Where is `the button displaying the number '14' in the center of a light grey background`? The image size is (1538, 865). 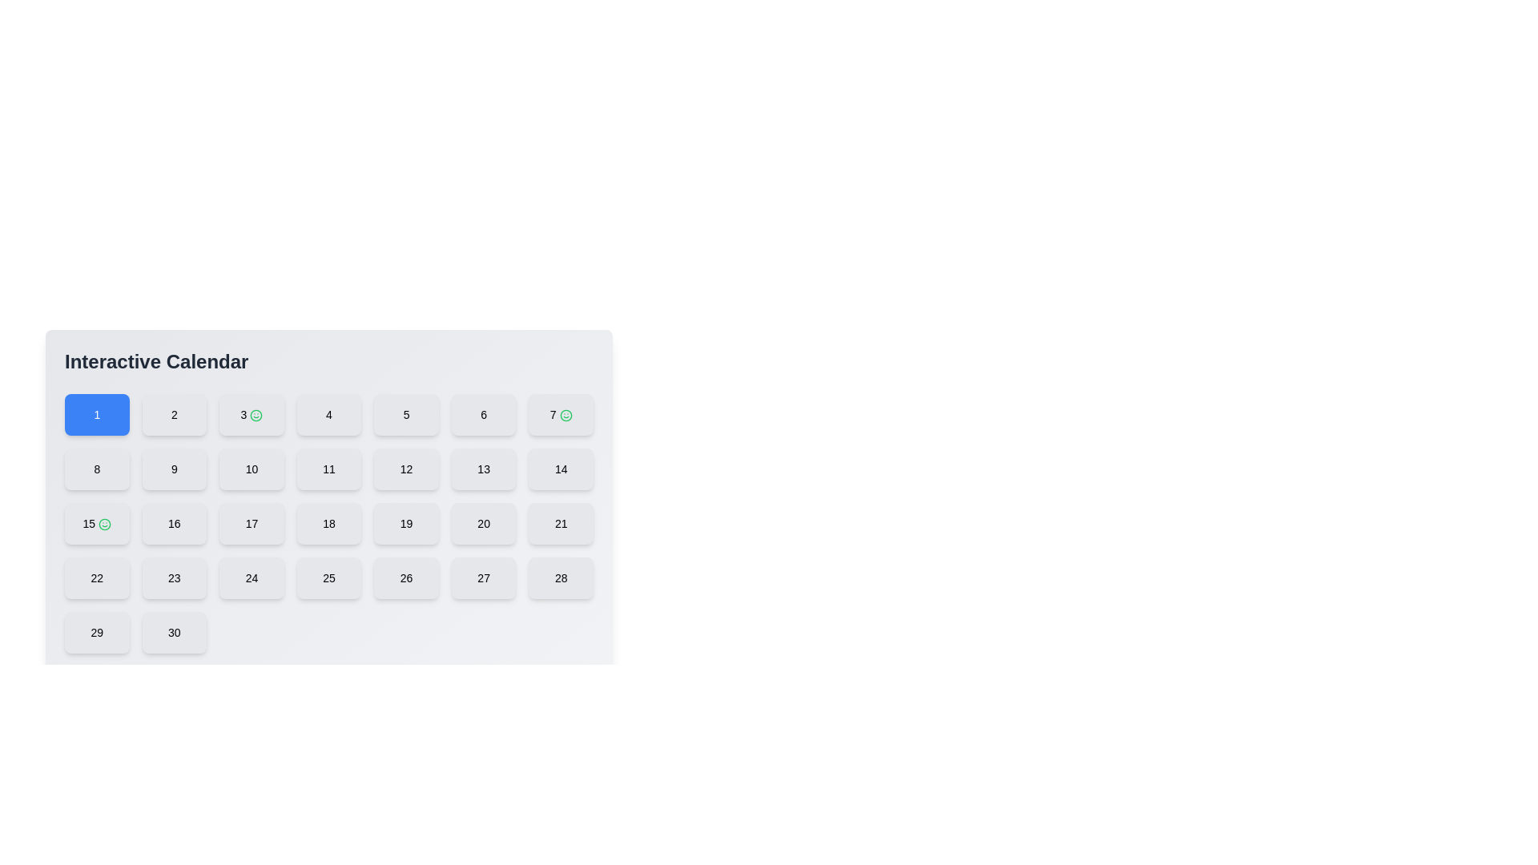
the button displaying the number '14' in the center of a light grey background is located at coordinates (561, 469).